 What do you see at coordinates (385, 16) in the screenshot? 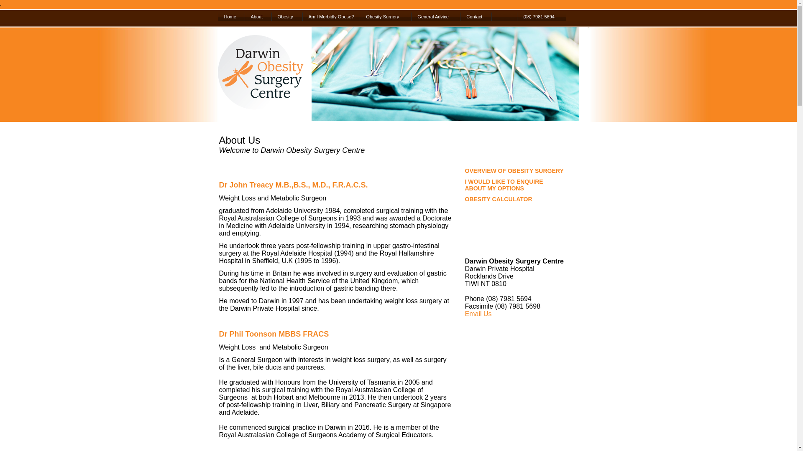
I see `'Obesity Surgery'` at bounding box center [385, 16].